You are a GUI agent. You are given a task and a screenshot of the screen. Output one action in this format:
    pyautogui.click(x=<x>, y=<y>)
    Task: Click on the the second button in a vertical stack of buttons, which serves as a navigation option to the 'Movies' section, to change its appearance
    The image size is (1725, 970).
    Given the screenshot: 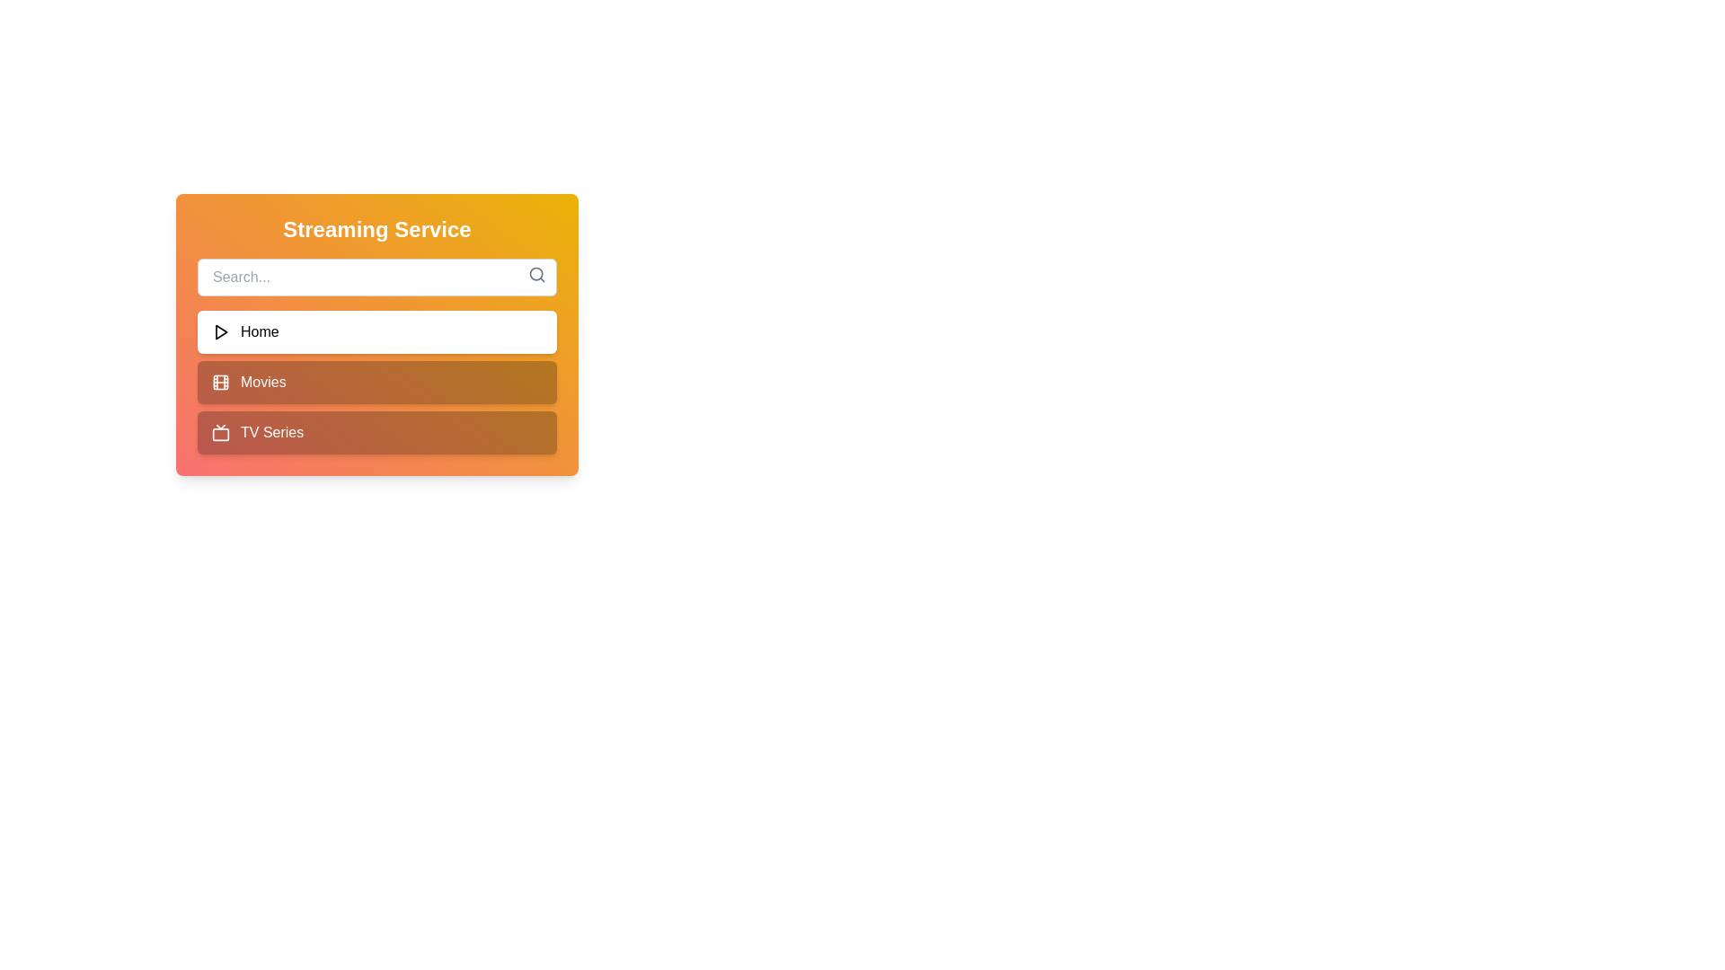 What is the action you would take?
    pyautogui.click(x=376, y=381)
    